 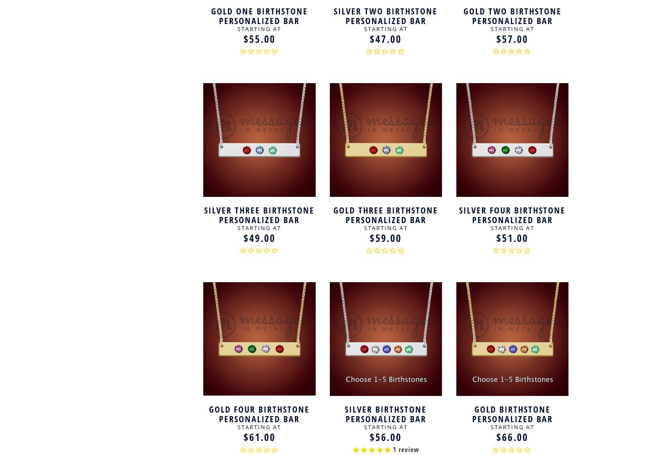 I want to click on '$59.00', so click(x=385, y=238).